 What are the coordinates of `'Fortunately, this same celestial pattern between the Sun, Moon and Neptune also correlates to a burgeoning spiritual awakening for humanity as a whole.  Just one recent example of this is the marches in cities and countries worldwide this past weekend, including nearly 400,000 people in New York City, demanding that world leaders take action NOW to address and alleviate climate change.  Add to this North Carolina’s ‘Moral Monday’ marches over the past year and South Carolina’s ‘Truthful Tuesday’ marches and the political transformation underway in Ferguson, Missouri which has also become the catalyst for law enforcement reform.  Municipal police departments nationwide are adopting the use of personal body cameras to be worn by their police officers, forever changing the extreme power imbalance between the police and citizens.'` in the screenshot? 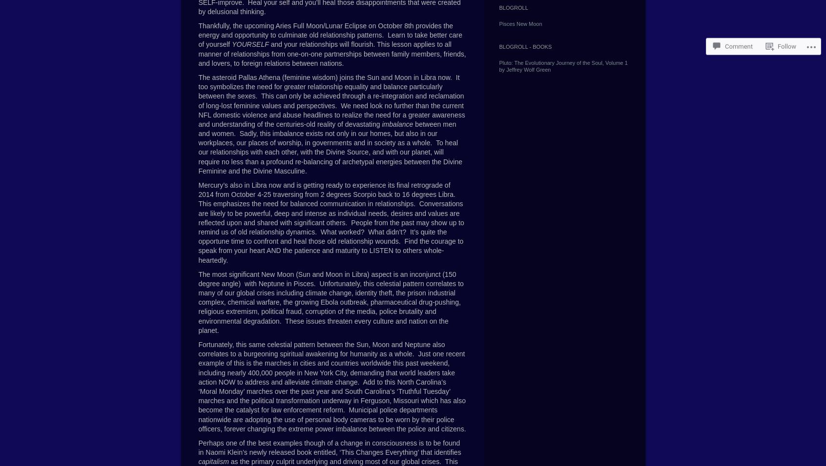 It's located at (332, 386).